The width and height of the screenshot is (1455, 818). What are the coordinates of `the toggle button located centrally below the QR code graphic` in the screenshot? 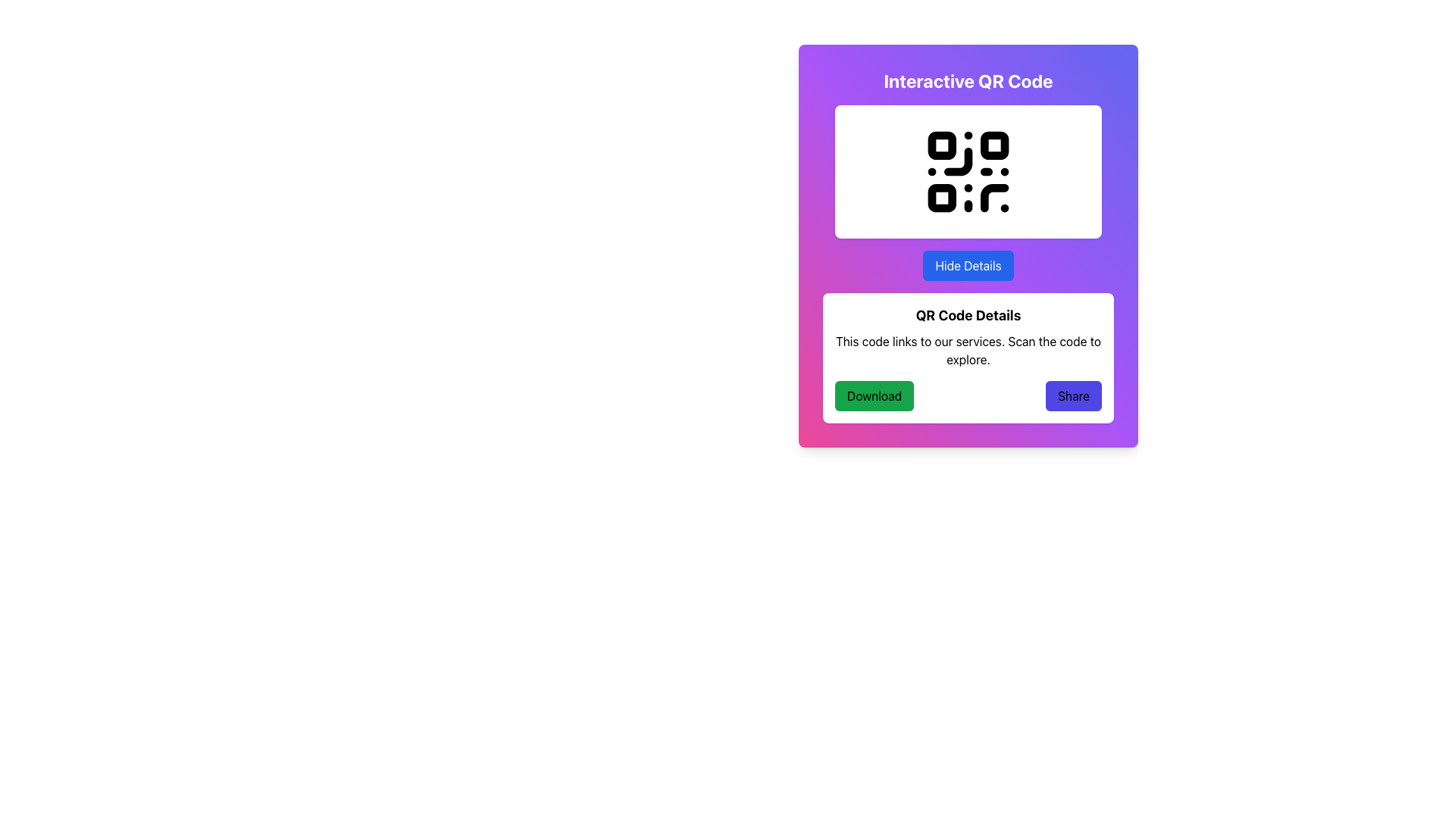 It's located at (967, 265).